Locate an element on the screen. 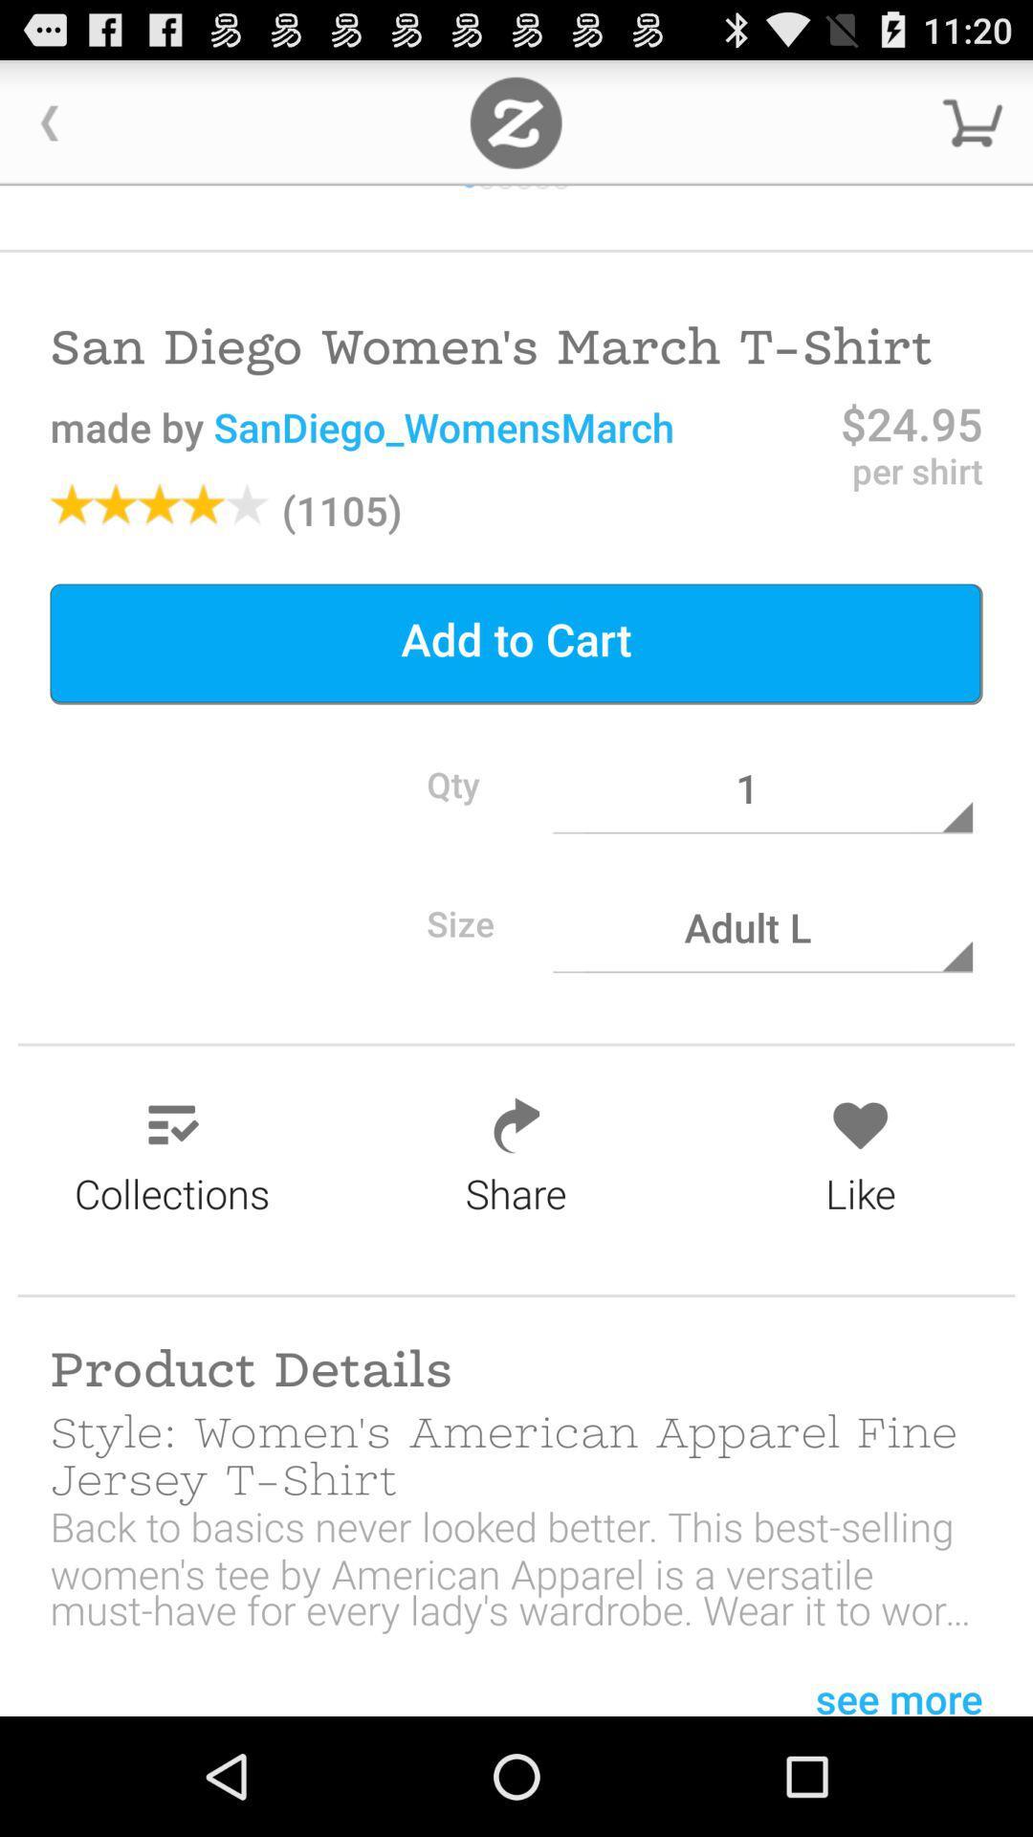 This screenshot has height=1837, width=1033. adverstment zoon in the box is located at coordinates (515, 122).